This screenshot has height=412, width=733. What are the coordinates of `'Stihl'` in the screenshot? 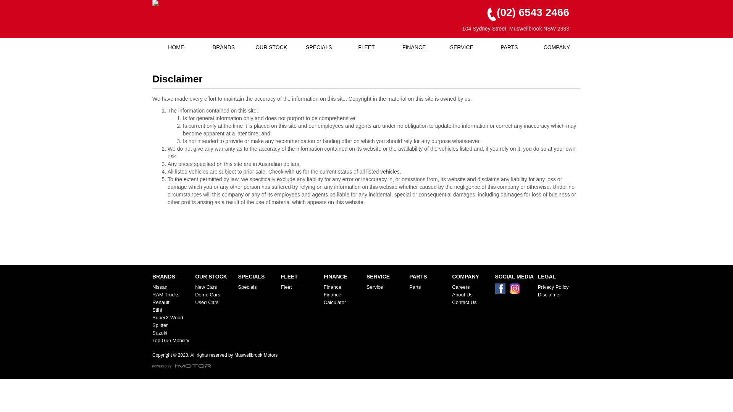 It's located at (172, 310).